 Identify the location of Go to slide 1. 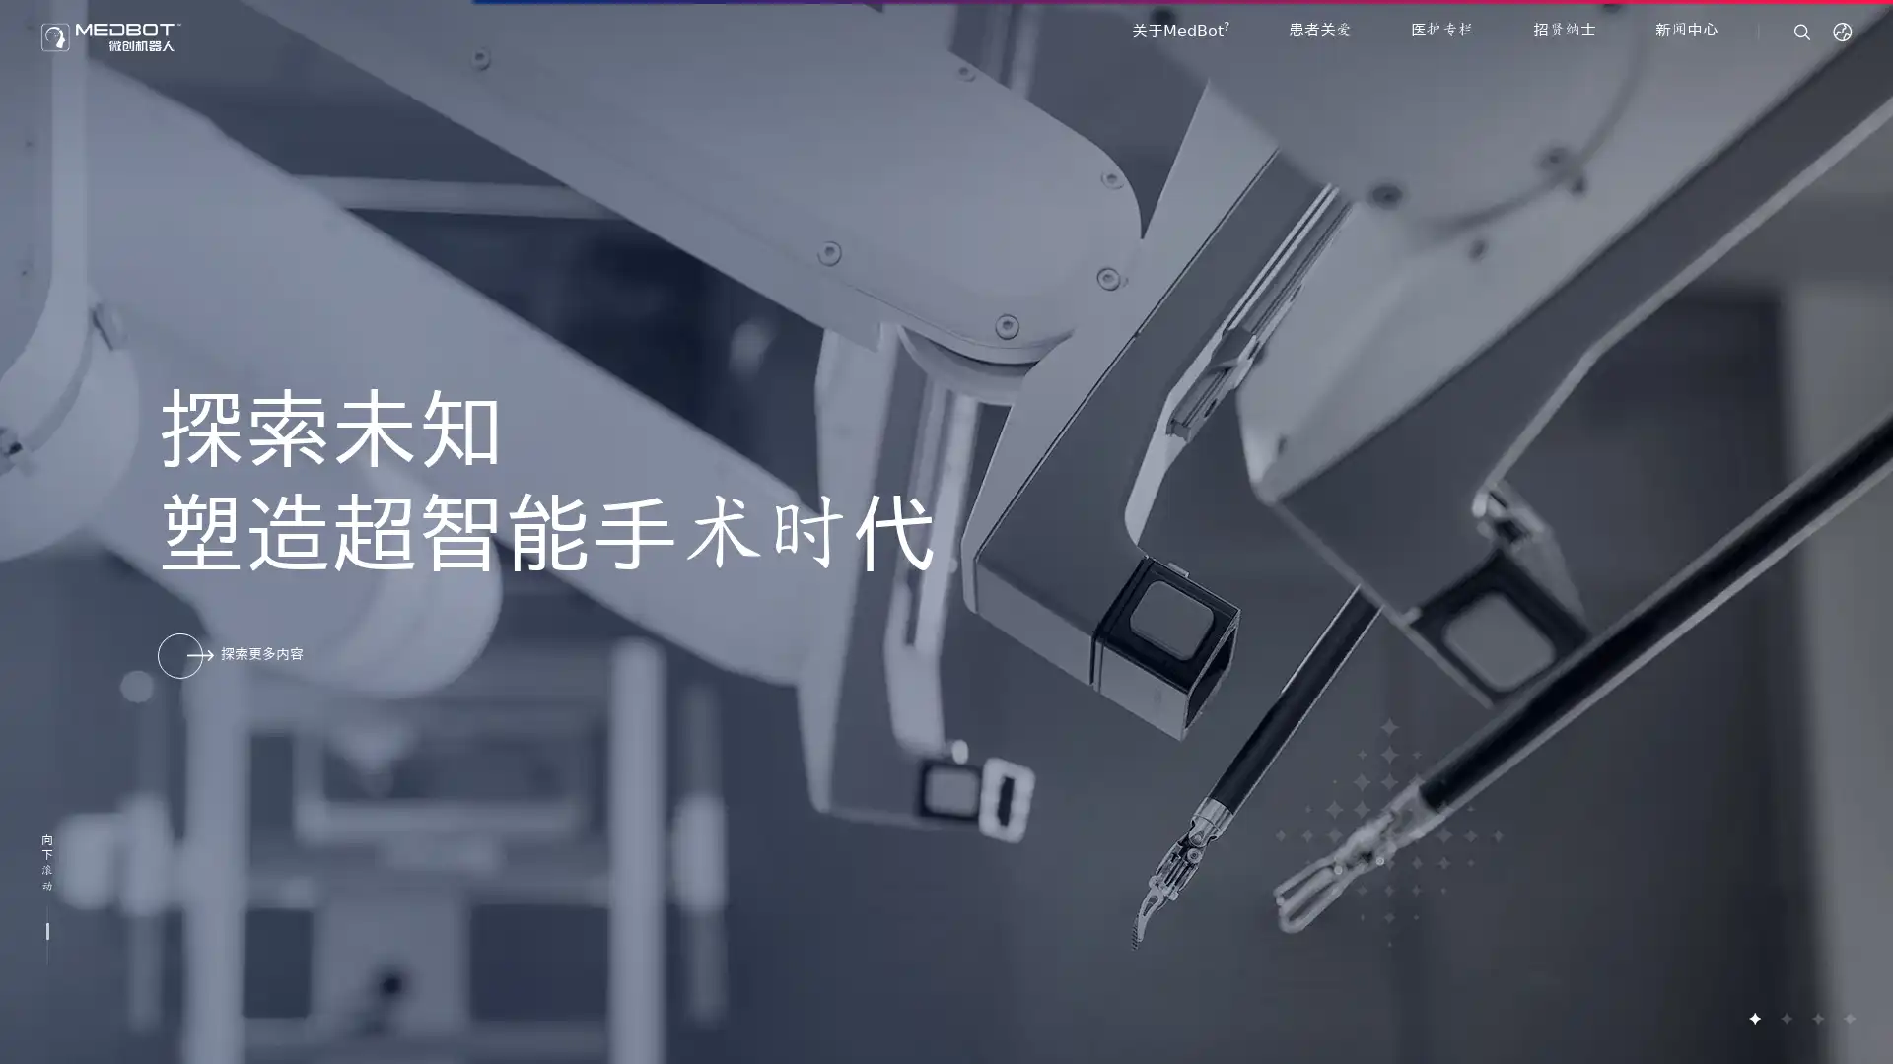
(1754, 1018).